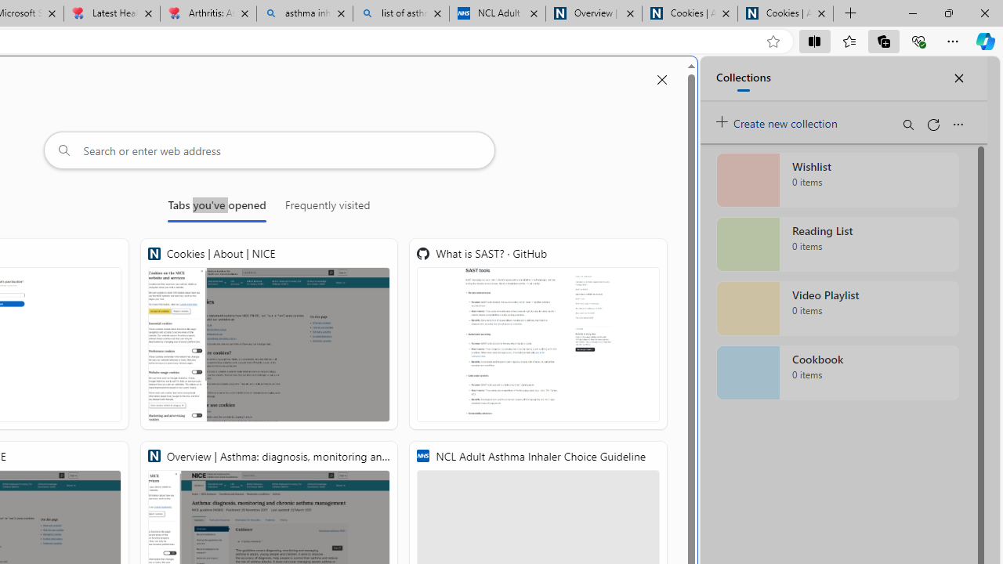  I want to click on 'list of asthma inhalers uk - Search', so click(401, 13).